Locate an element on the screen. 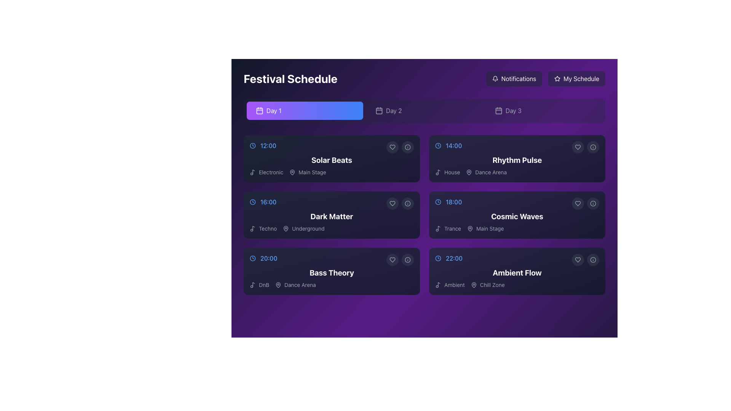 The width and height of the screenshot is (731, 411). the text label displaying 'Electronic' in white color on a dark background, which is part of the 'Solar Beats' event block at 12:00 is located at coordinates (271, 172).